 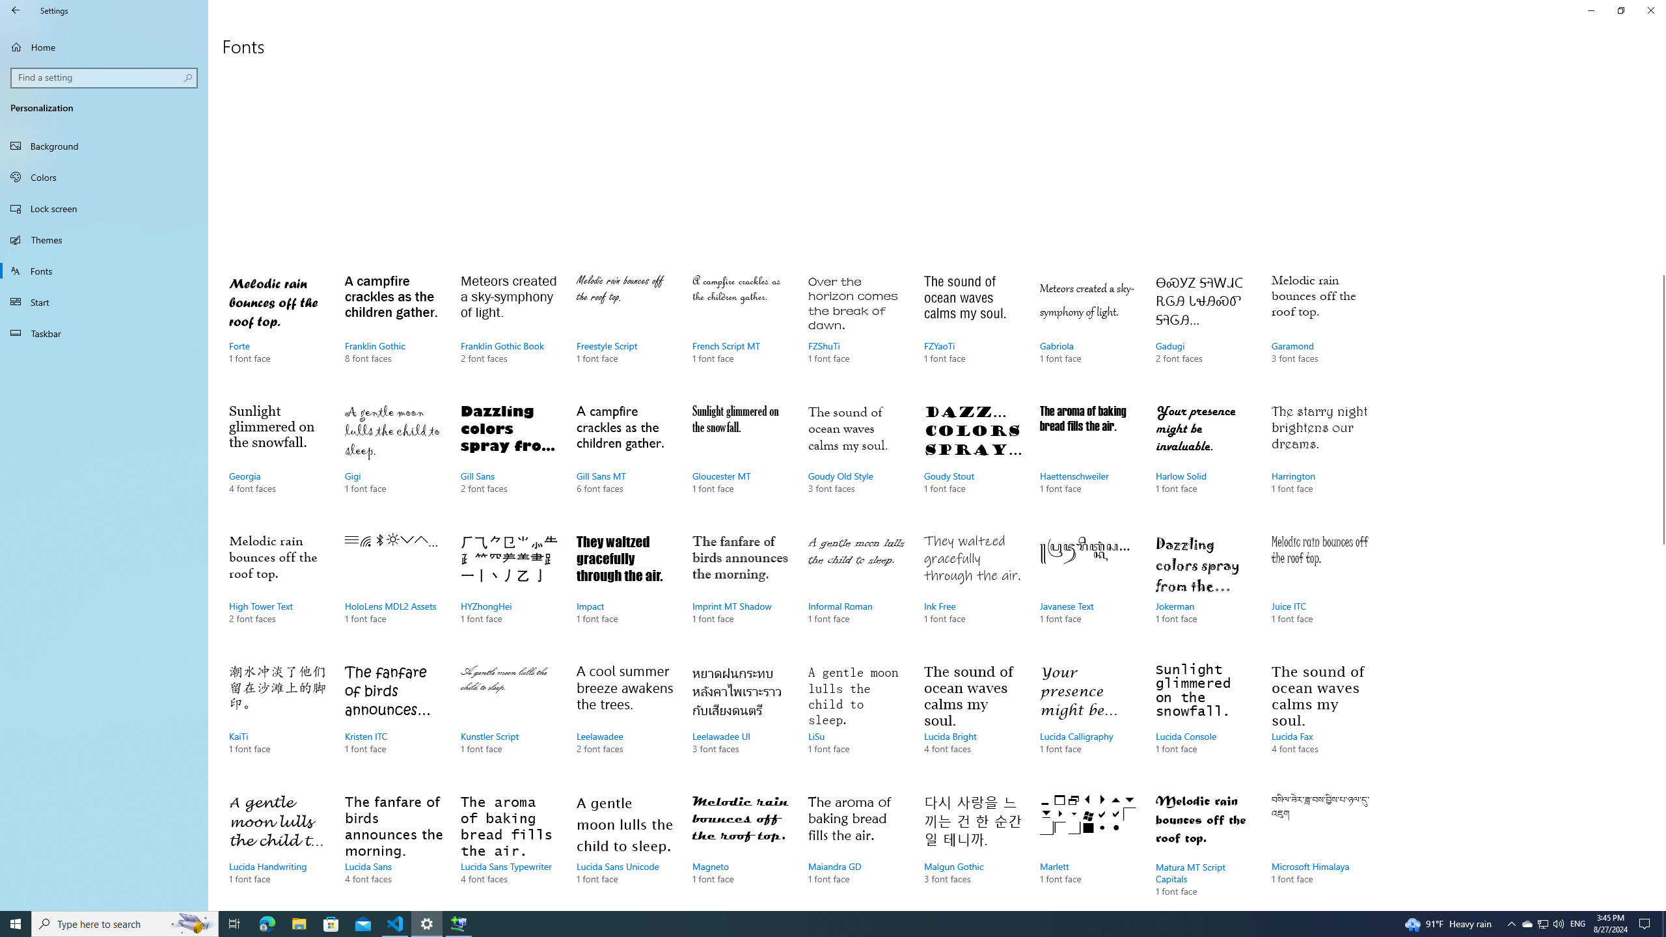 What do you see at coordinates (624, 331) in the screenshot?
I see `'Freestyle Script, 1 font face'` at bounding box center [624, 331].